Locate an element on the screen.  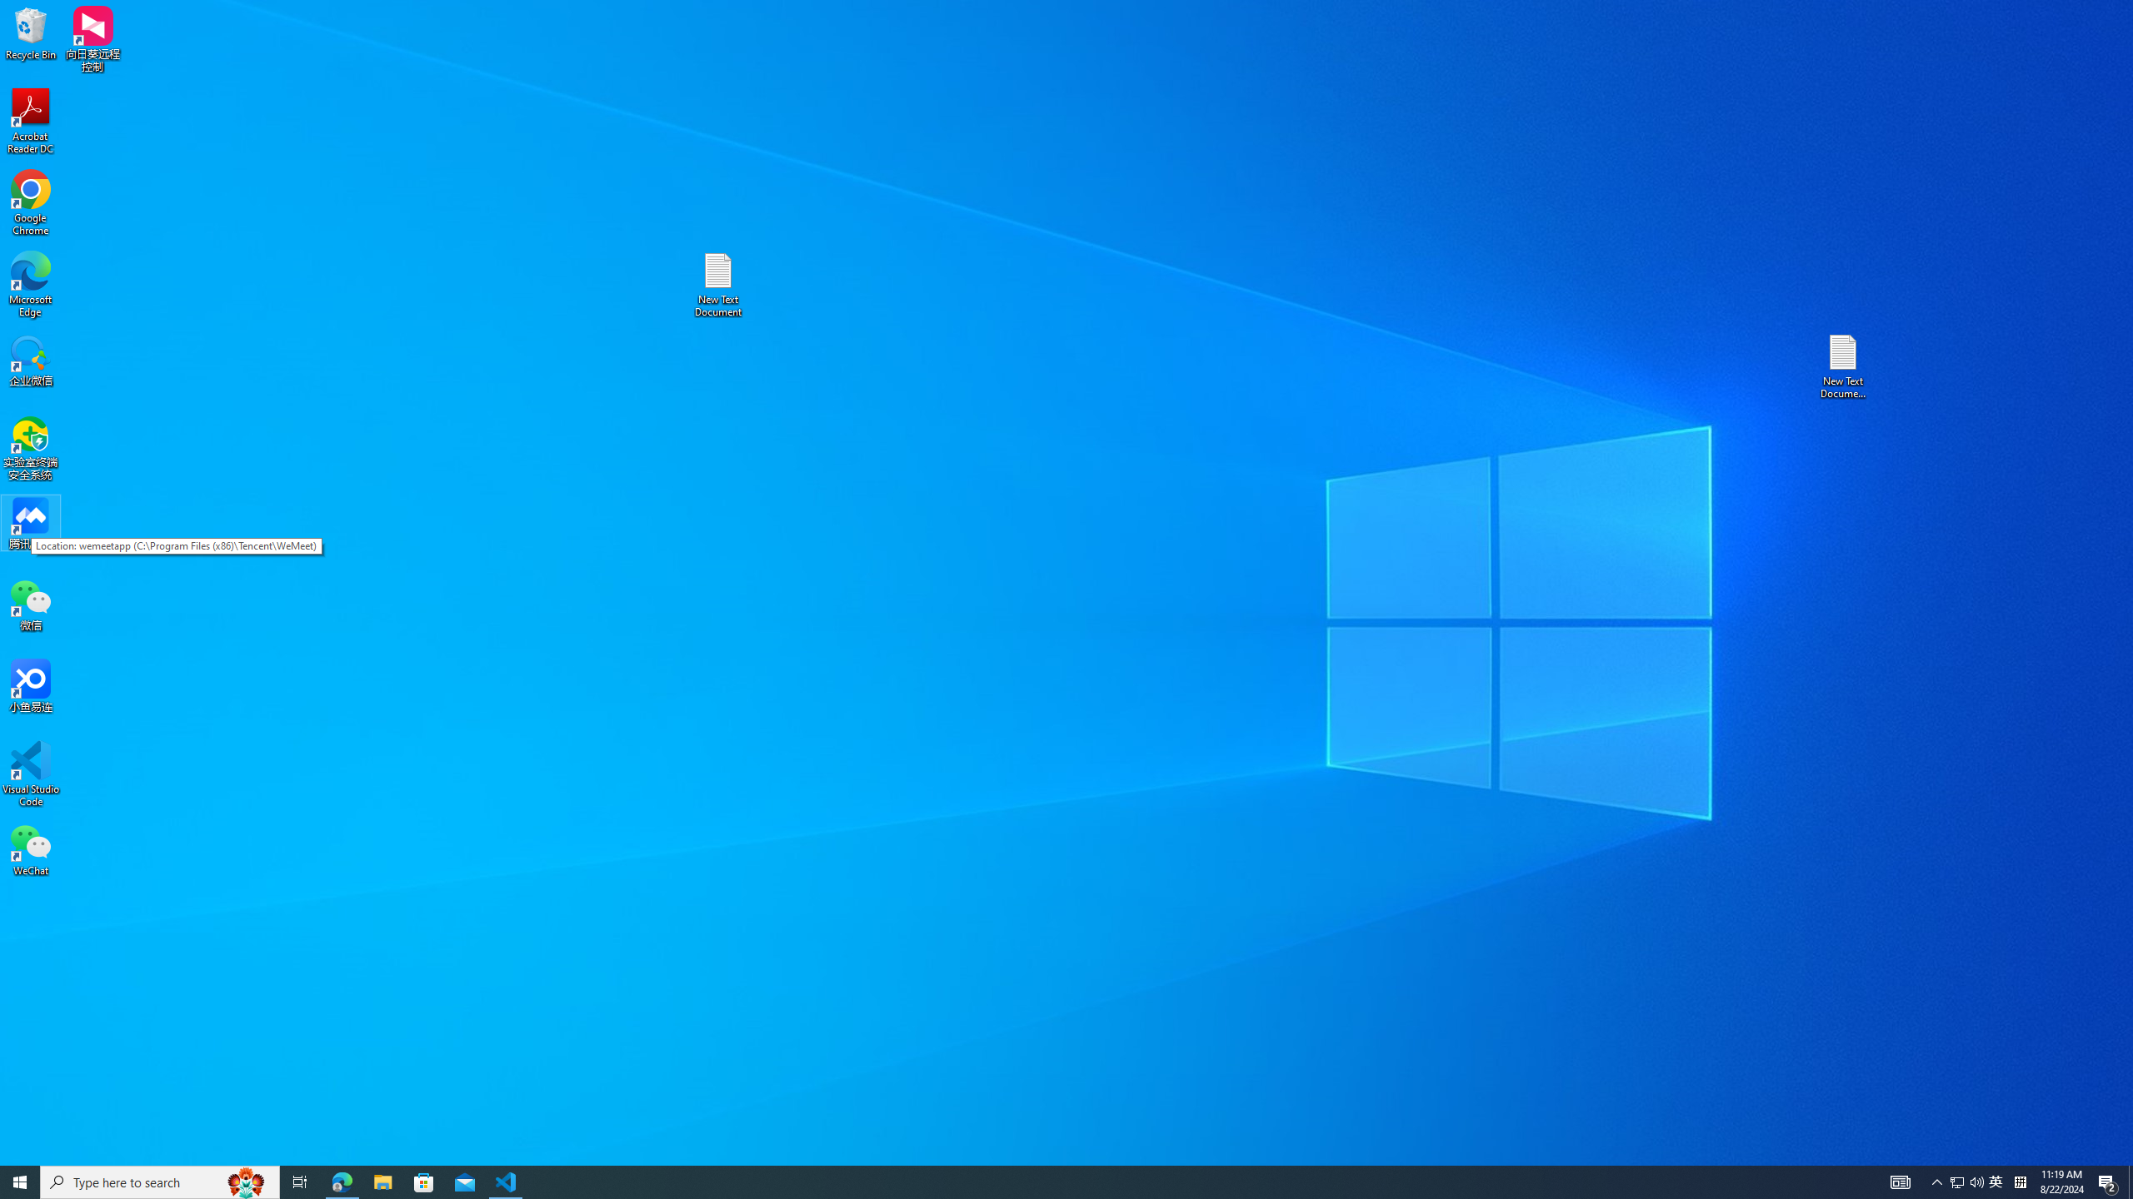
'Tray Input Indicator - Chinese (Simplified, China)' is located at coordinates (2020, 1181).